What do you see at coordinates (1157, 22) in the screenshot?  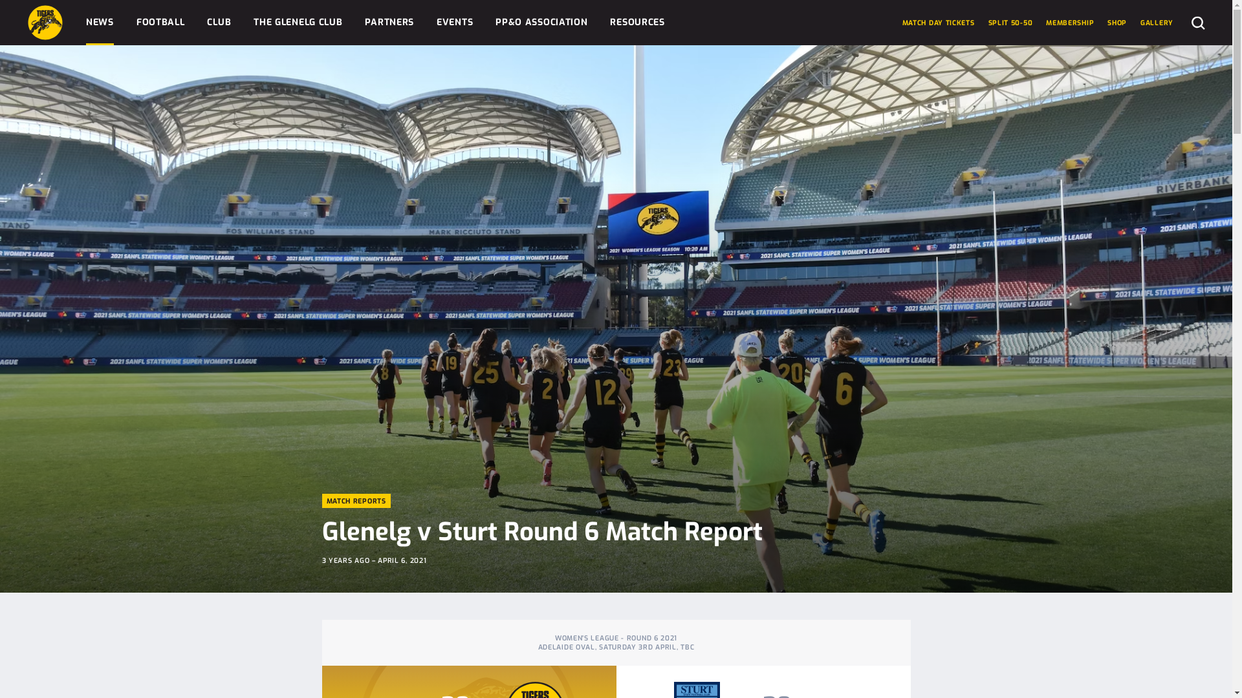 I see `'GALLERY'` at bounding box center [1157, 22].